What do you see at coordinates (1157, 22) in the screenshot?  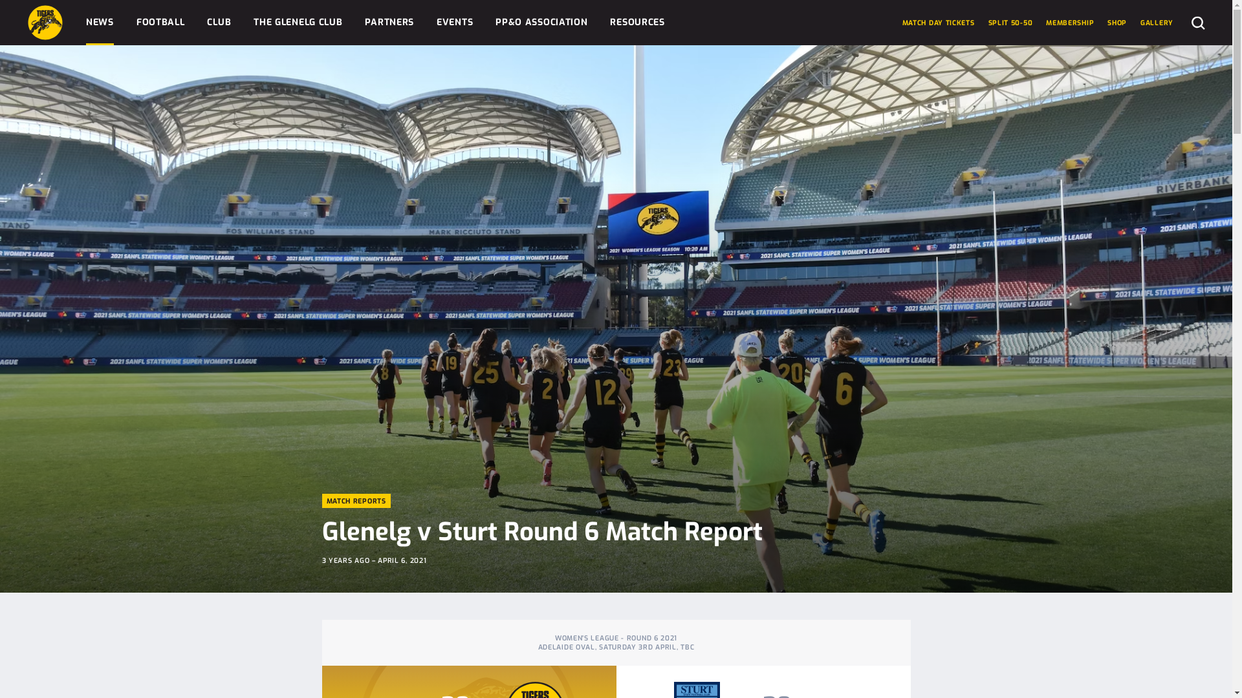 I see `'GALLERY'` at bounding box center [1157, 22].